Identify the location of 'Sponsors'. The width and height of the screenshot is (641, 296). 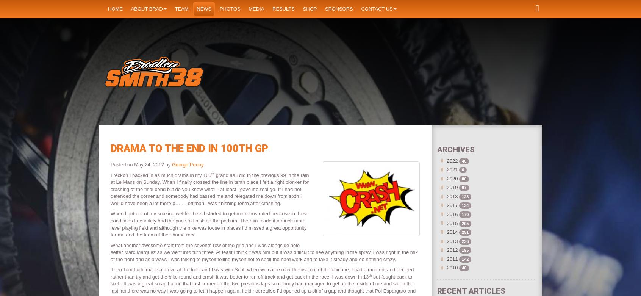
(338, 8).